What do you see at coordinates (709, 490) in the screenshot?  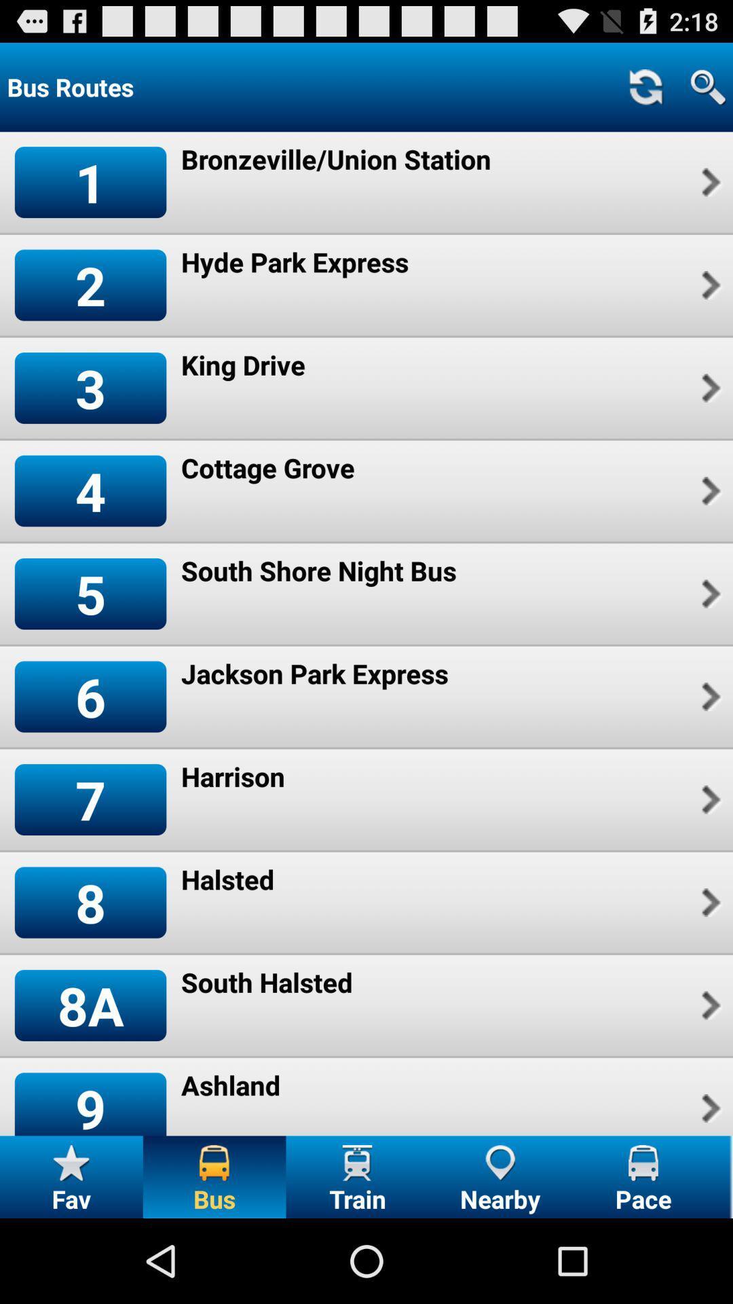 I see `item next to the cottage grove icon` at bounding box center [709, 490].